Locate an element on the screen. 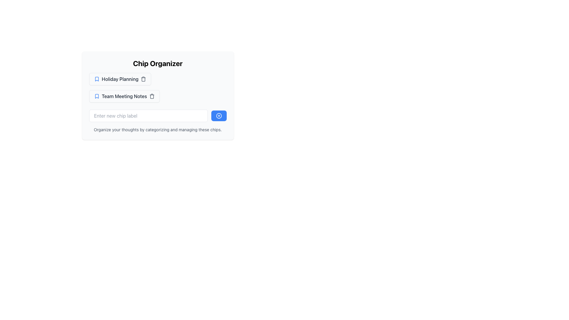 This screenshot has width=569, height=320. the SVG Circle element that visually represents an add or create action, which is part of a button located to the right of an input box is located at coordinates (218, 116).